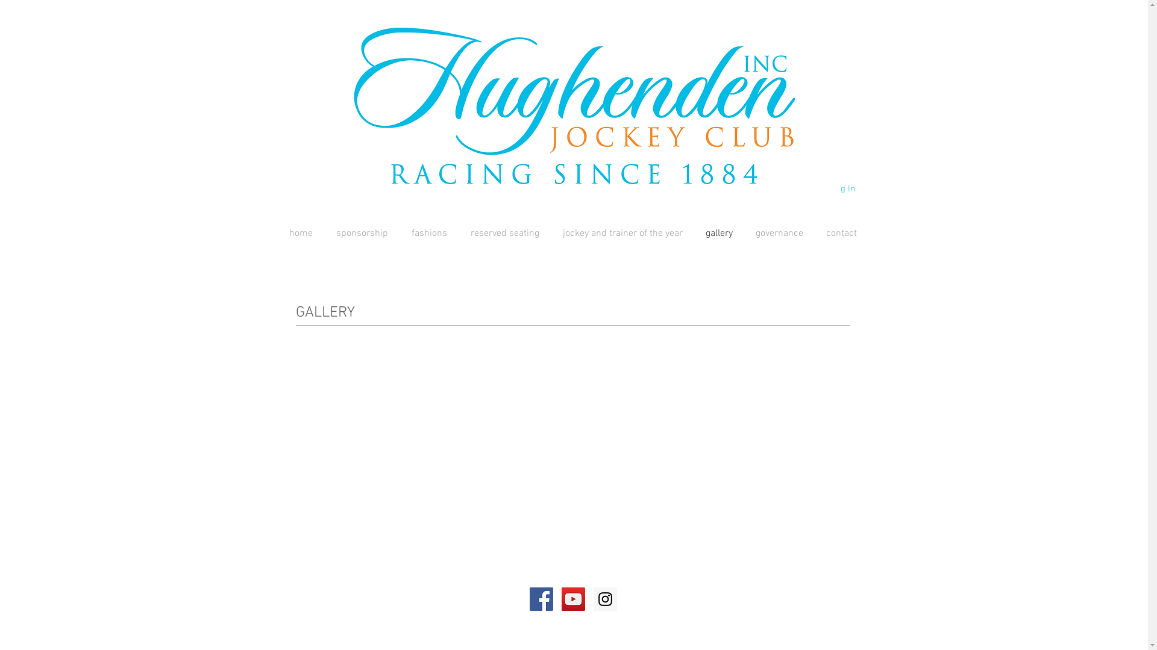  Describe the element at coordinates (798, 188) in the screenshot. I see `'Log In'` at that location.